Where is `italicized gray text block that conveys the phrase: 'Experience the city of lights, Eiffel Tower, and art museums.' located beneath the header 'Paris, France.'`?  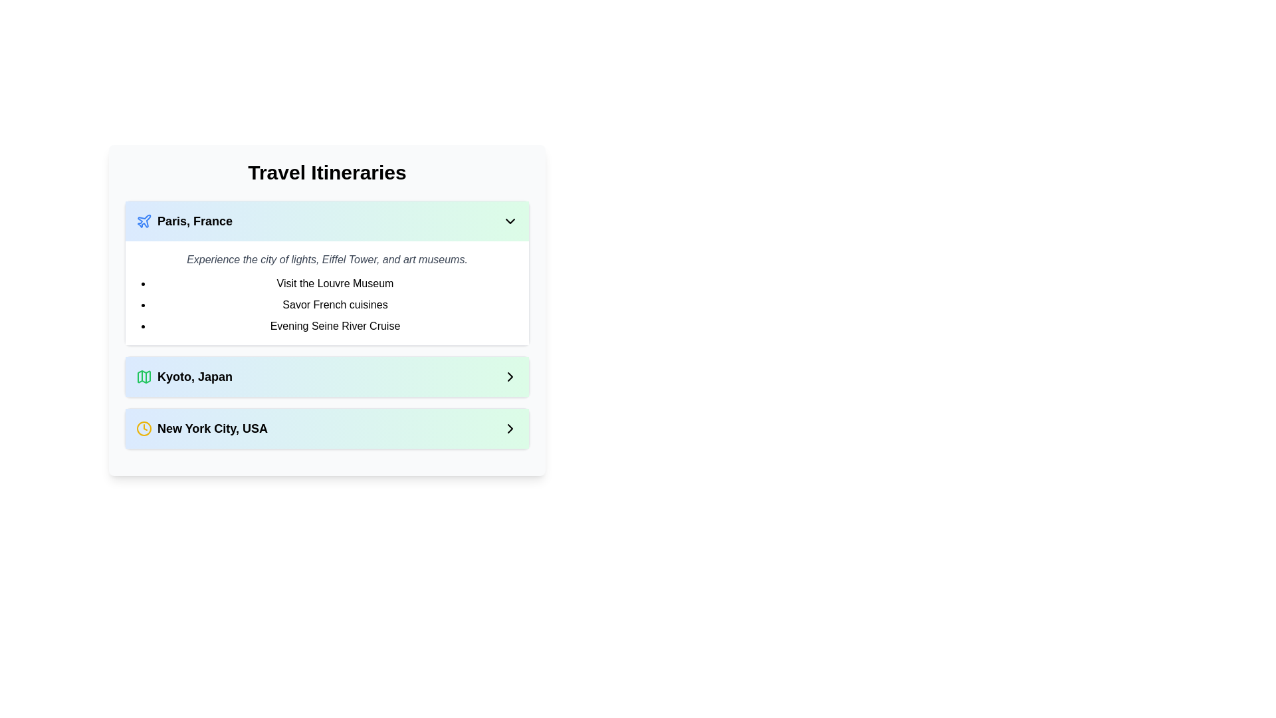
italicized gray text block that conveys the phrase: 'Experience the city of lights, Eiffel Tower, and art museums.' located beneath the header 'Paris, France.' is located at coordinates (327, 259).